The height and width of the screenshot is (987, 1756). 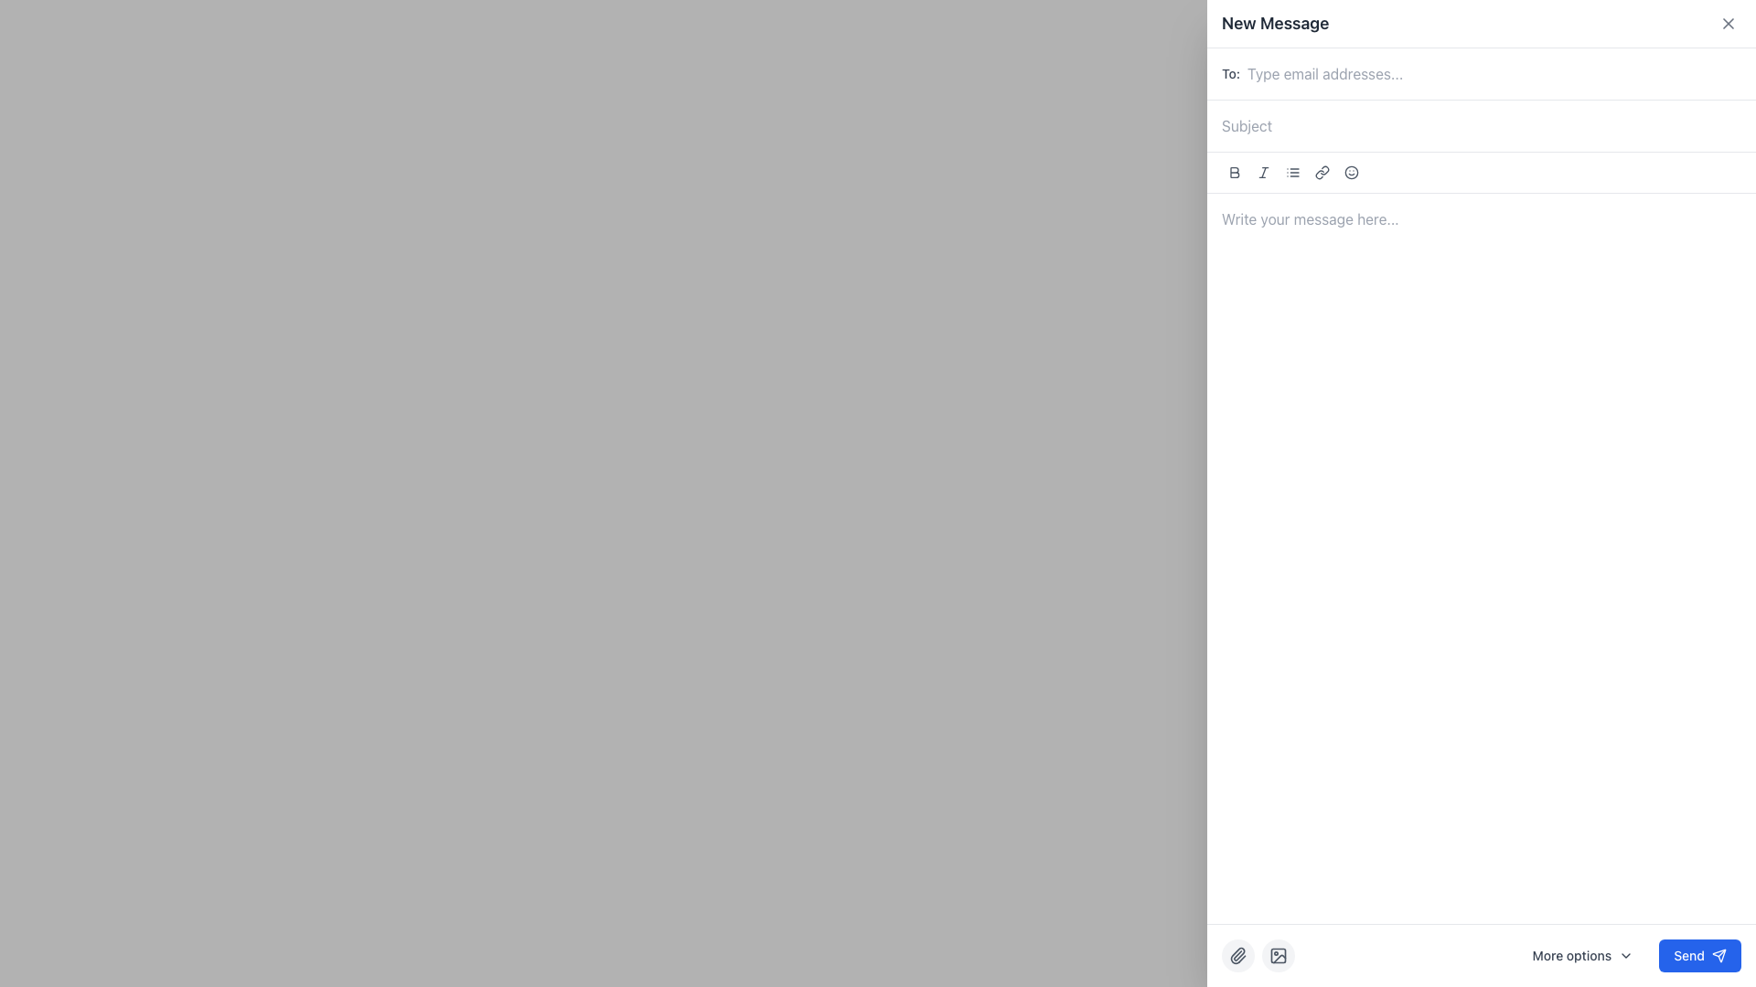 What do you see at coordinates (1352, 173) in the screenshot?
I see `the smiley face icon located near the center of the toolbar above the message text area` at bounding box center [1352, 173].